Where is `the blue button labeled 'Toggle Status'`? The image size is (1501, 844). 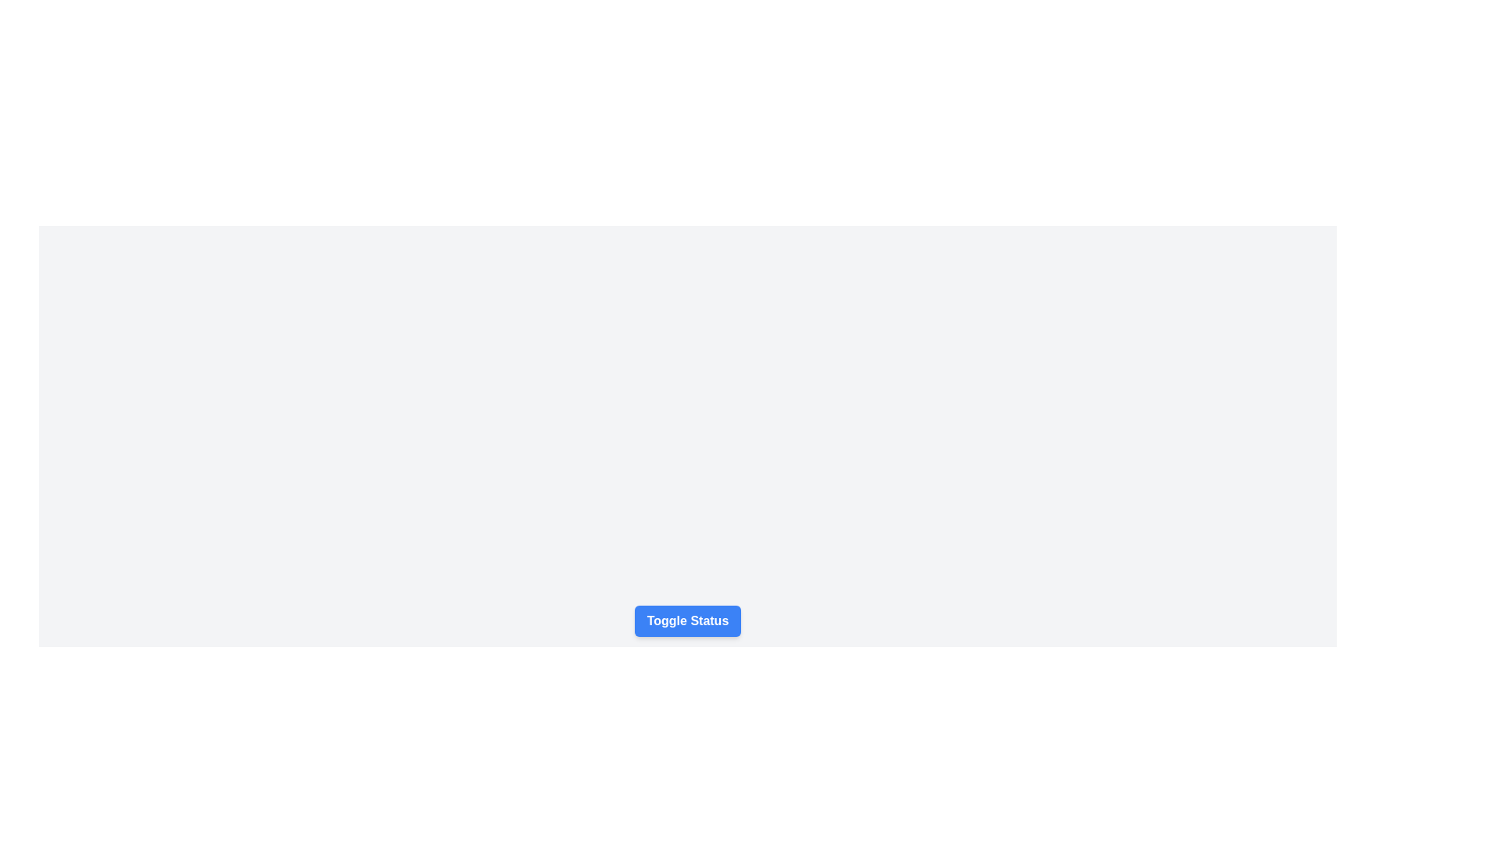 the blue button labeled 'Toggle Status' is located at coordinates (687, 620).